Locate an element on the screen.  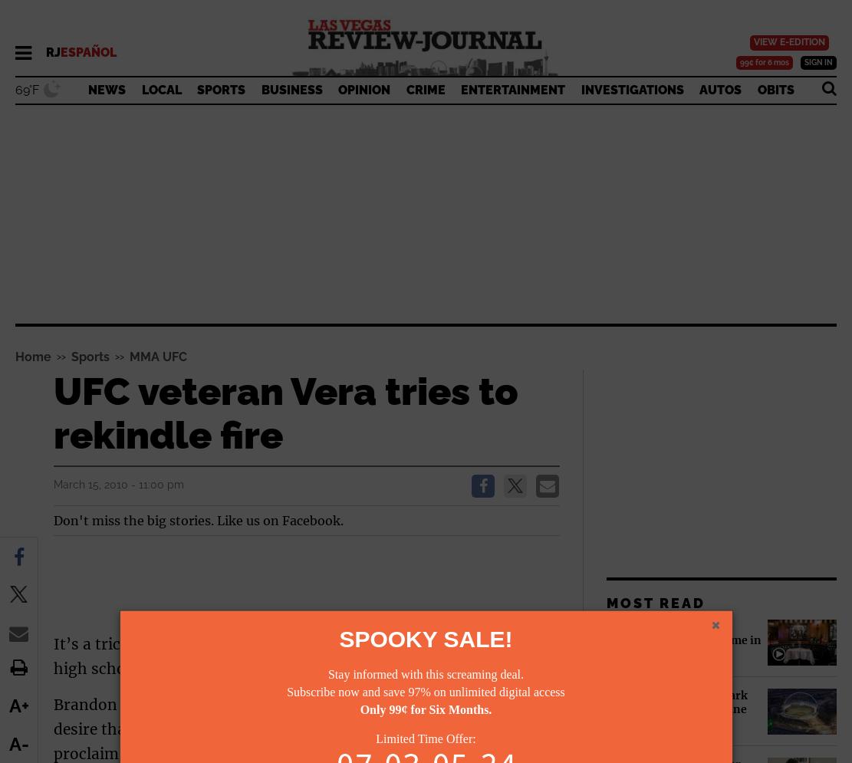
'Only 99¢ for Six Months.' is located at coordinates (358, 709).